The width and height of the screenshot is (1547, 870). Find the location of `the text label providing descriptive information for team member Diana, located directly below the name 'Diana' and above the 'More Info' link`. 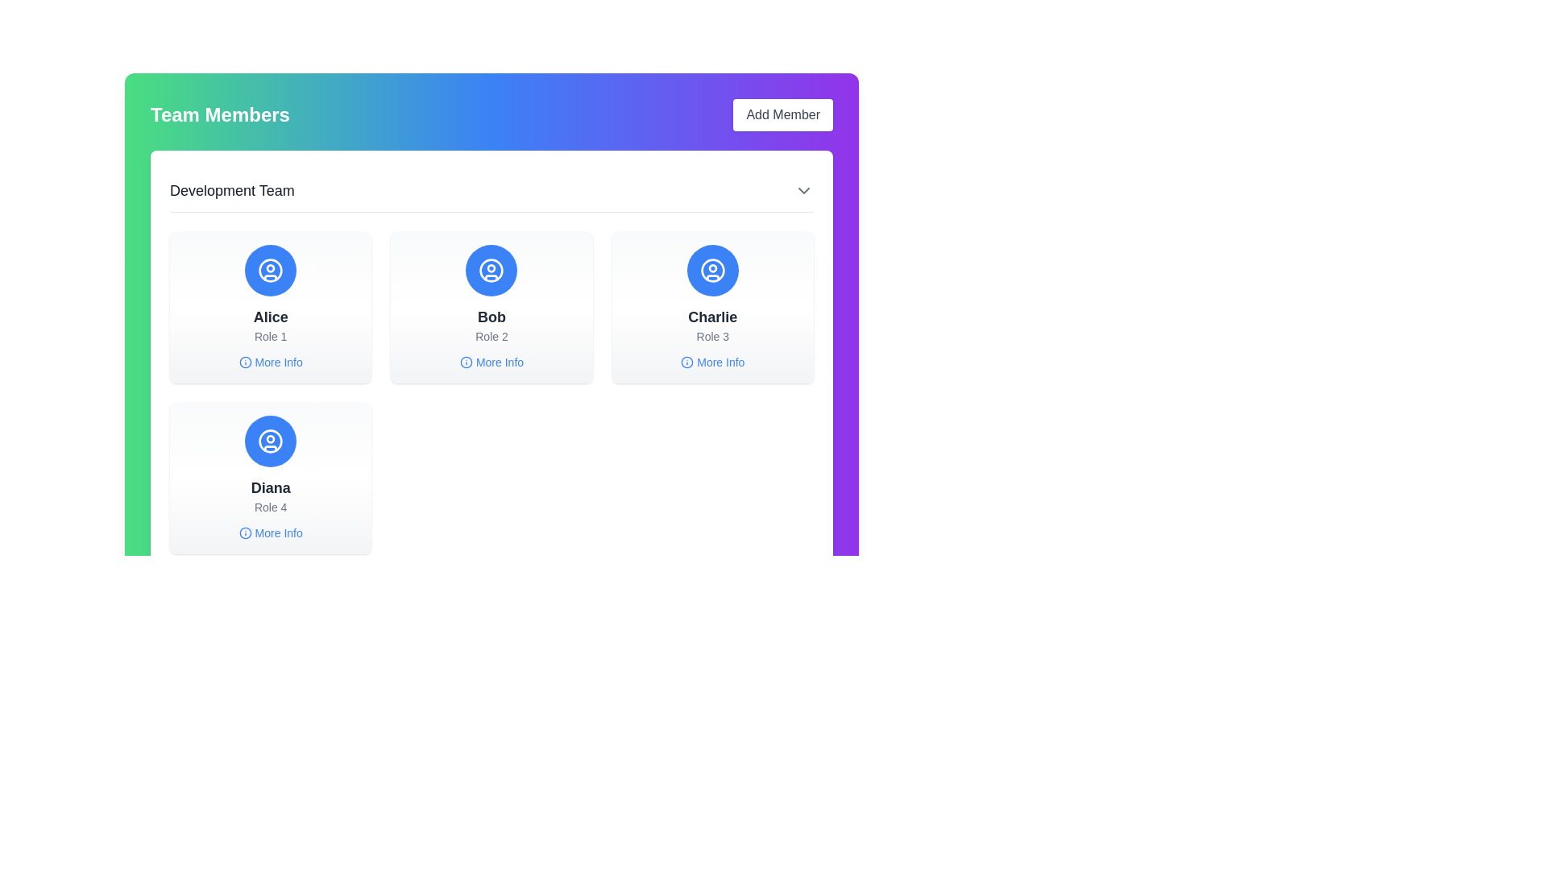

the text label providing descriptive information for team member Diana, located directly below the name 'Diana' and above the 'More Info' link is located at coordinates (271, 506).